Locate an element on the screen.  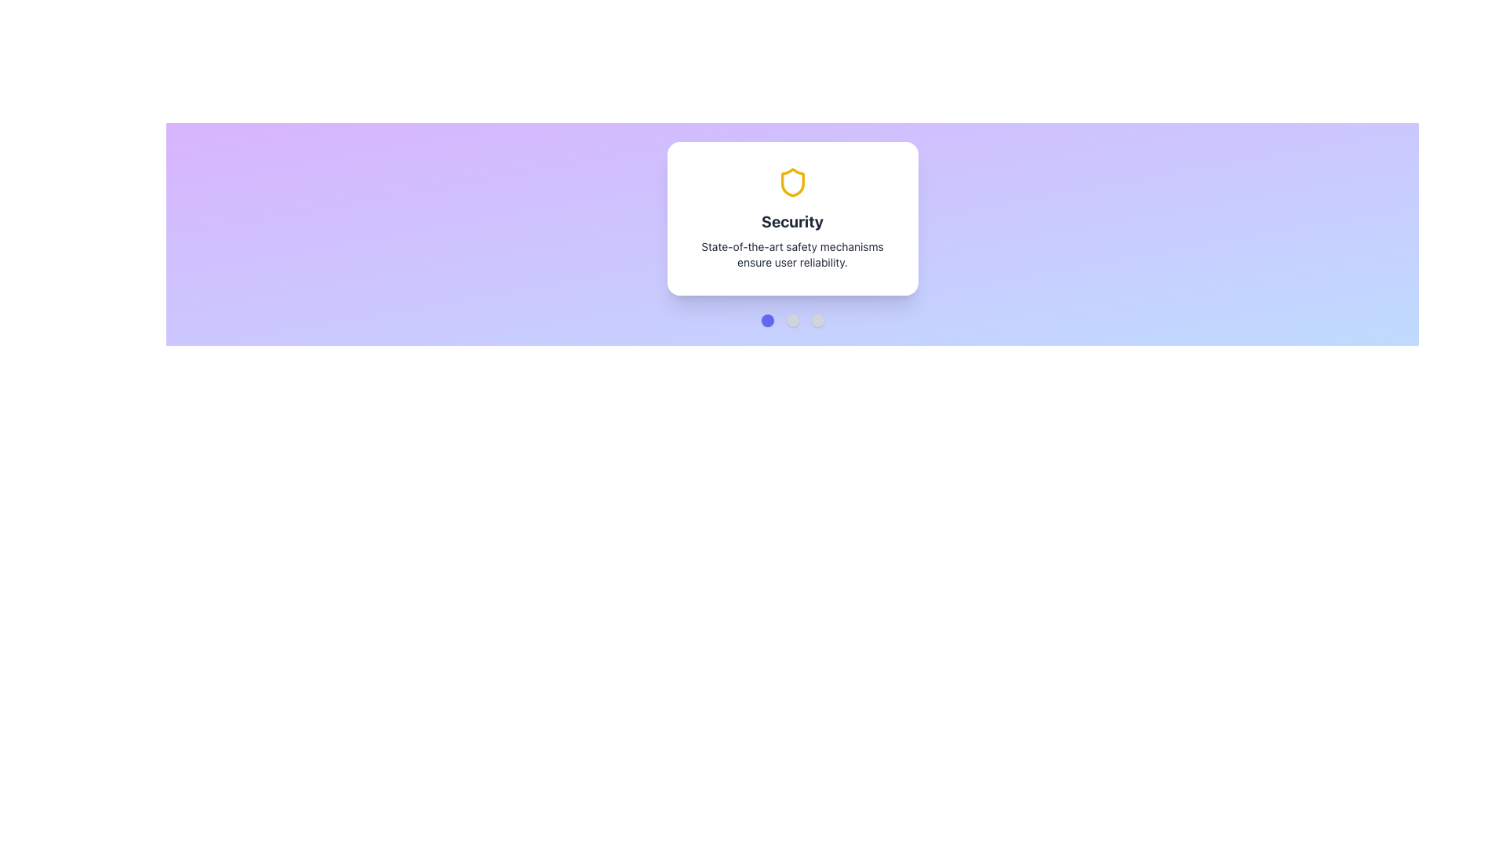
the second button in a horizontal arrangement of three buttons located directly beneath the 'Security' card component to change its color is located at coordinates (792, 319).